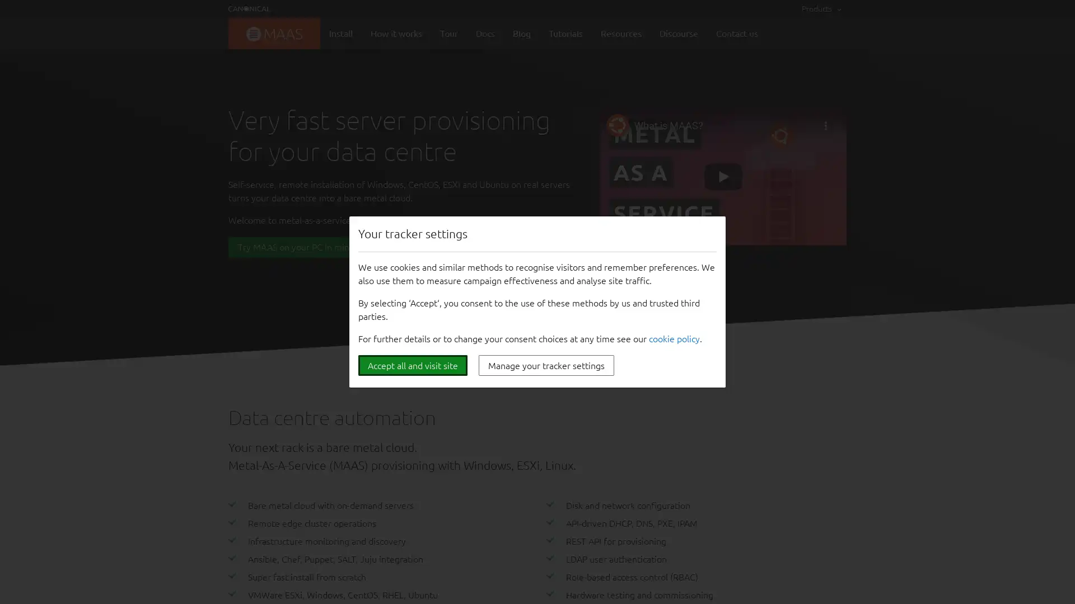  I want to click on Manage your tracker settings, so click(546, 365).